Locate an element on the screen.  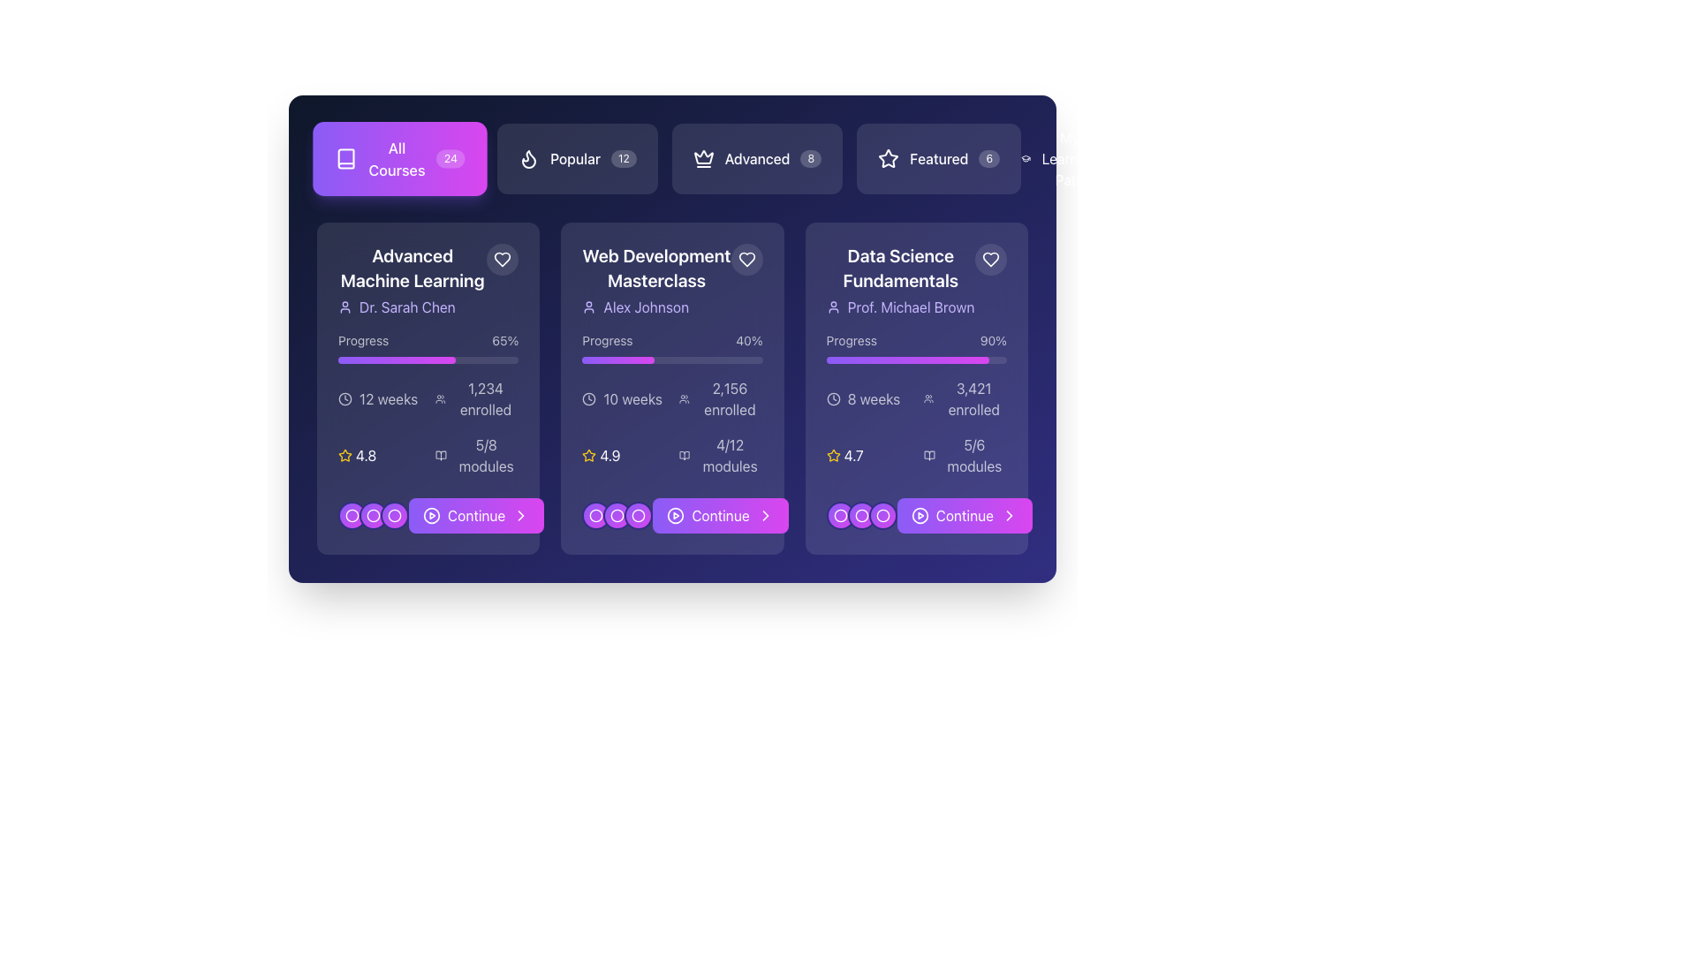
small circular outlined icon with a gradient-fuchsia filled background located in the bottom-left corner of the 'Advanced Machine Learning' card for information is located at coordinates (372, 515).